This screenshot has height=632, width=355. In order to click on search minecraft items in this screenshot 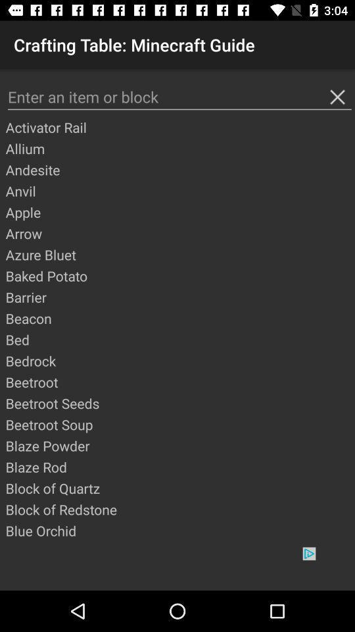, I will do `click(179, 96)`.